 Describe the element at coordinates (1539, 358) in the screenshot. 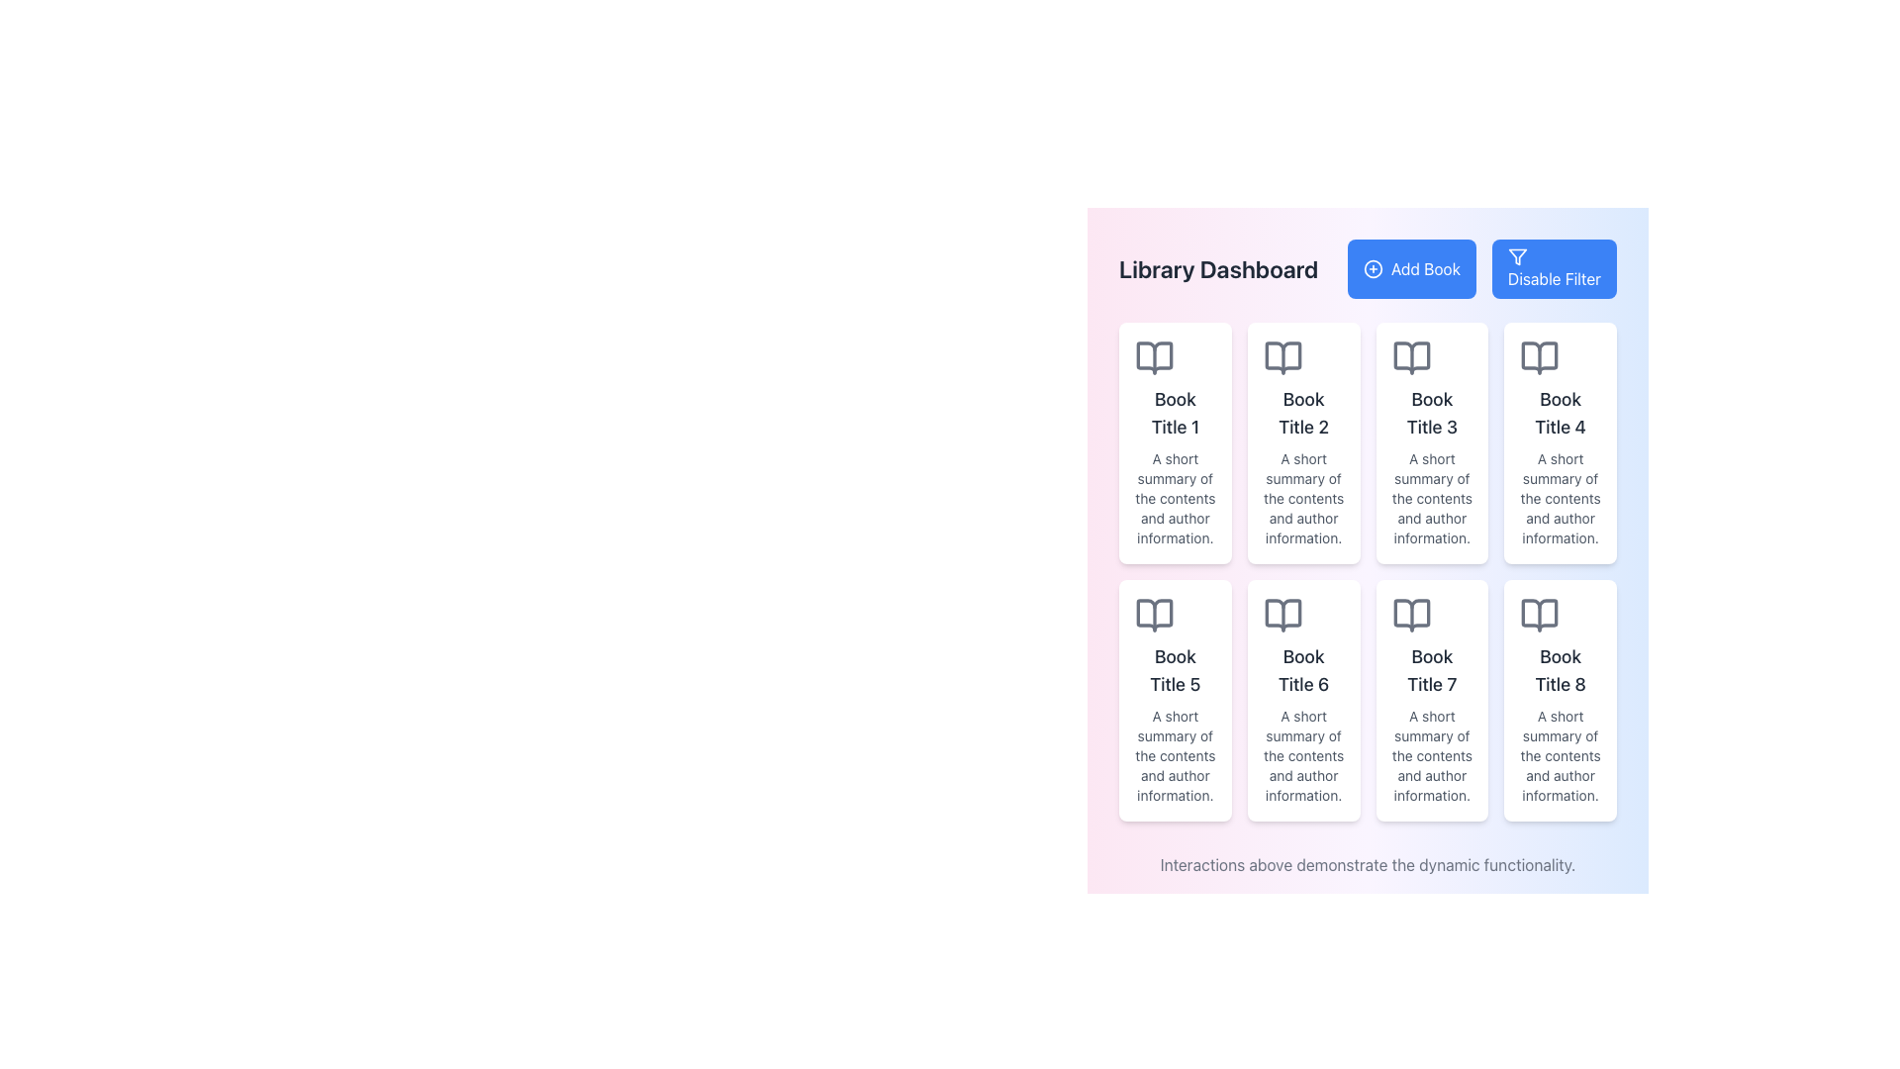

I see `the book icon located in the top-right section of the library dashboard inside the card labeled 'Book Title 4'. This icon symbolizes the concept of a book or reading, helping users identify the associated content` at that location.